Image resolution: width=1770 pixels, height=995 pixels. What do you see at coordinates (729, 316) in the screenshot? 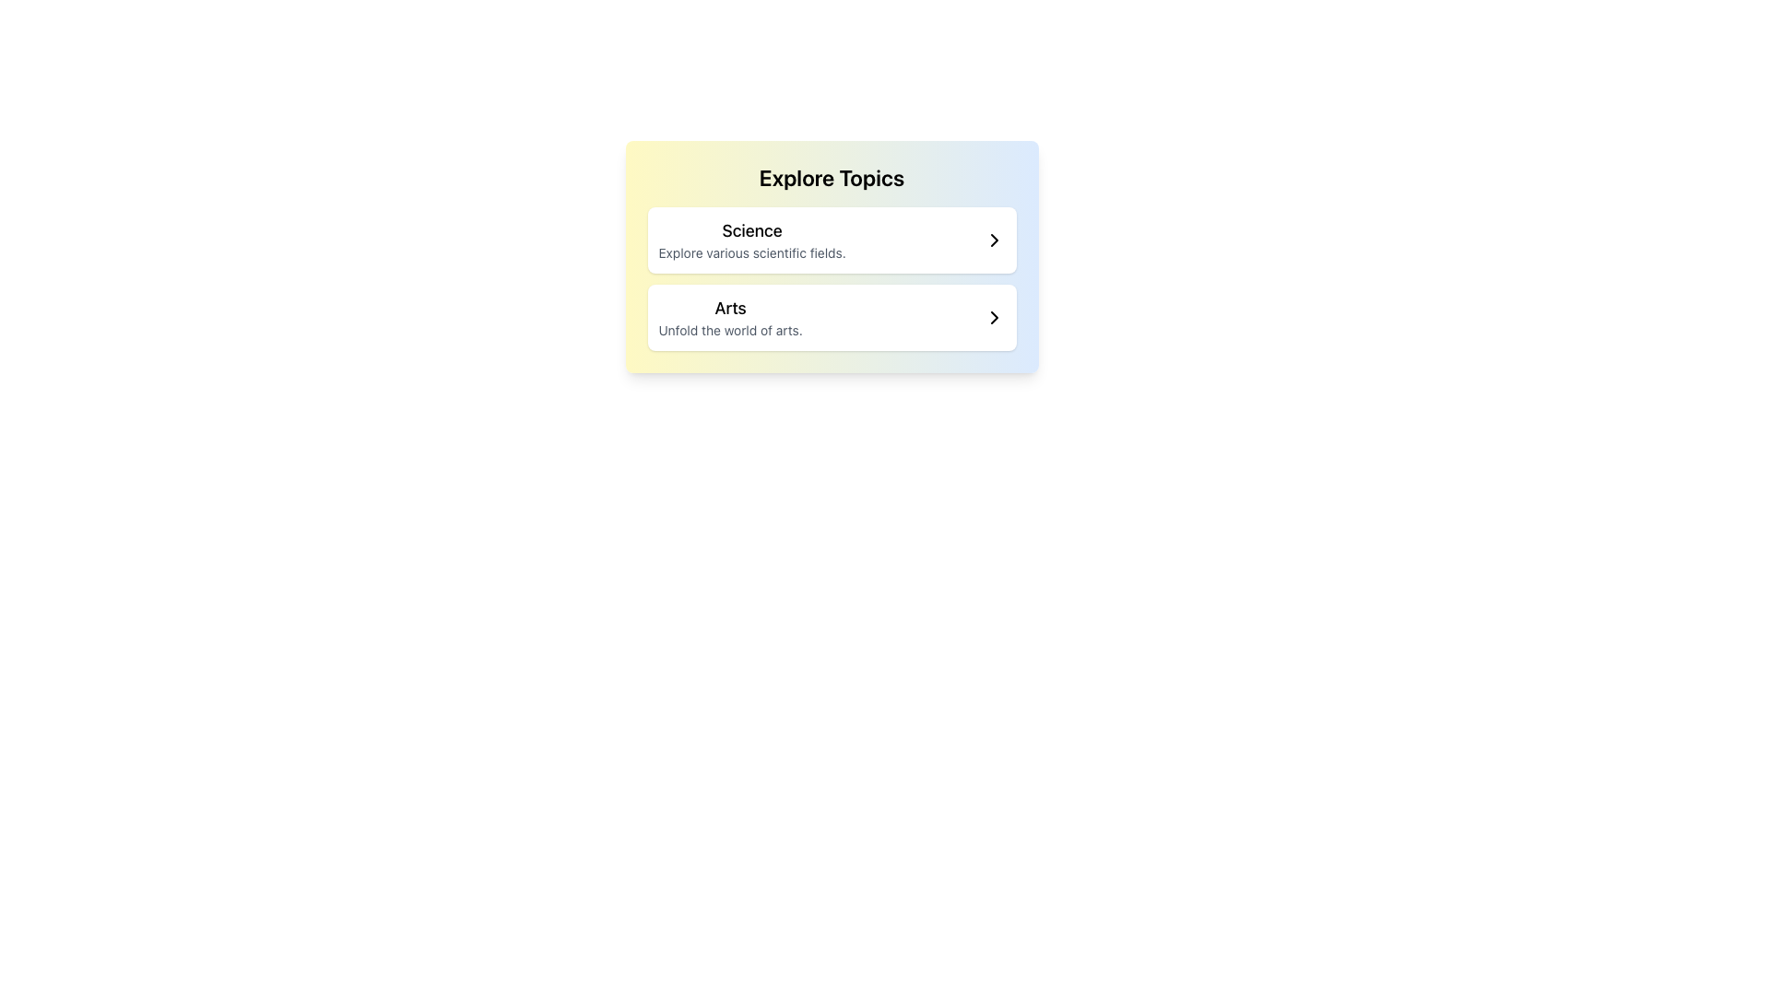
I see `text in the title and description block for the topic 'Arts', which is located in the second card under the 'Explore Topics' header, below the 'Science' entry` at bounding box center [729, 316].